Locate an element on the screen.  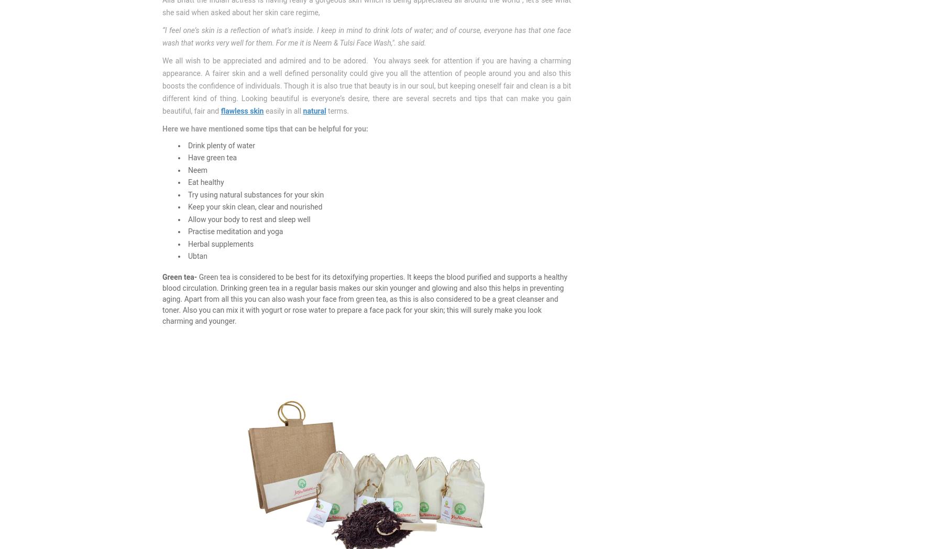
'Eat healthy' is located at coordinates (205, 182).